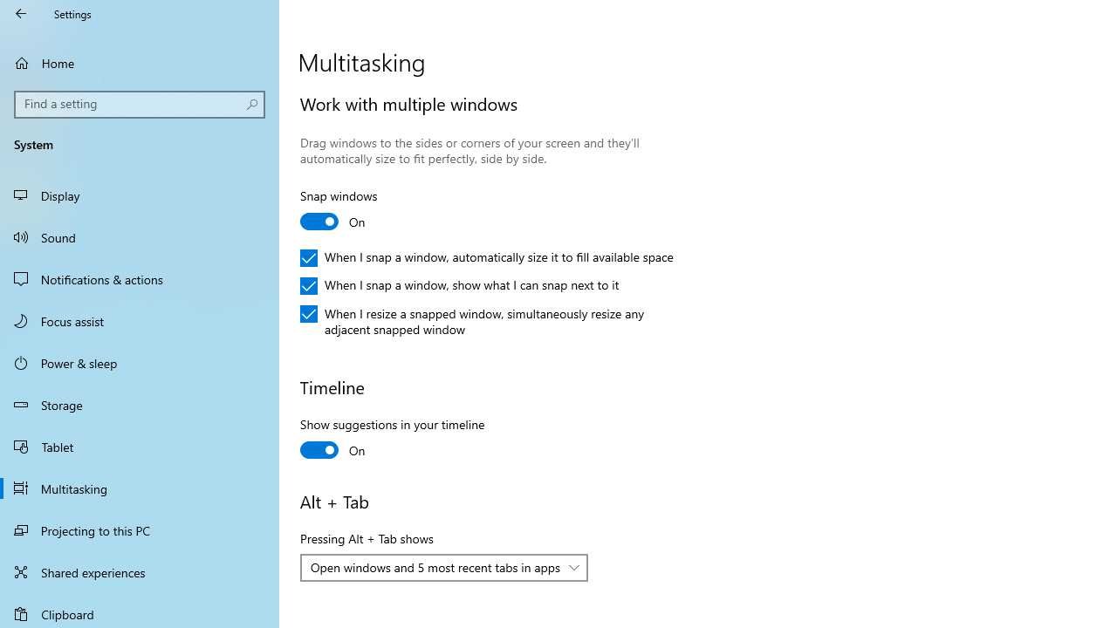 This screenshot has width=1117, height=628. Describe the element at coordinates (140, 361) in the screenshot. I see `'Power & sleep'` at that location.